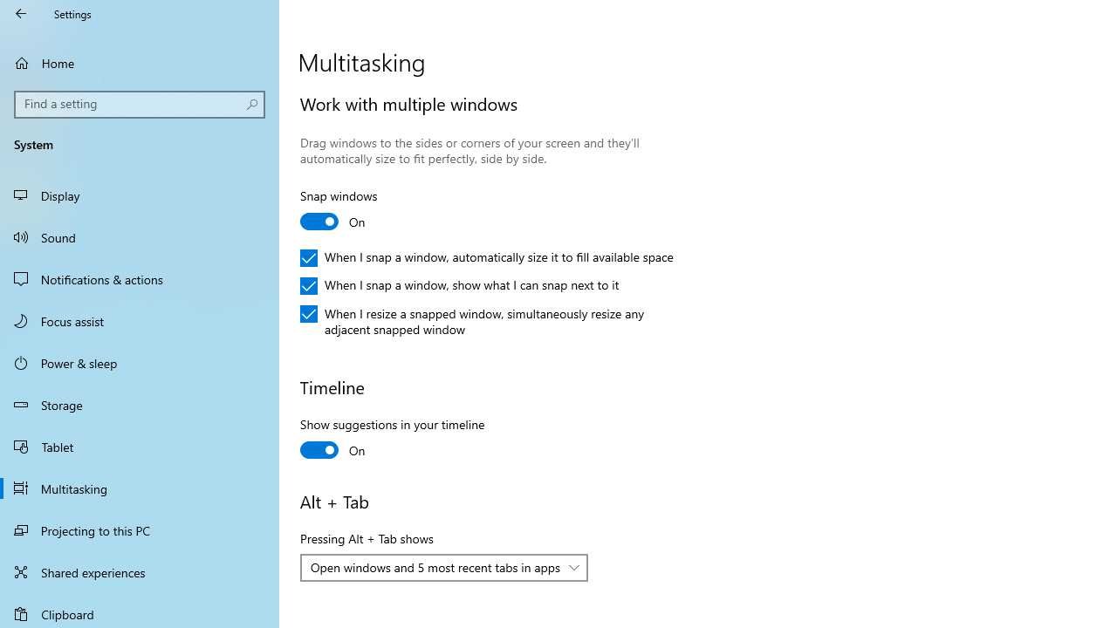 This screenshot has width=1117, height=628. Describe the element at coordinates (140, 361) in the screenshot. I see `'Power & sleep'` at that location.